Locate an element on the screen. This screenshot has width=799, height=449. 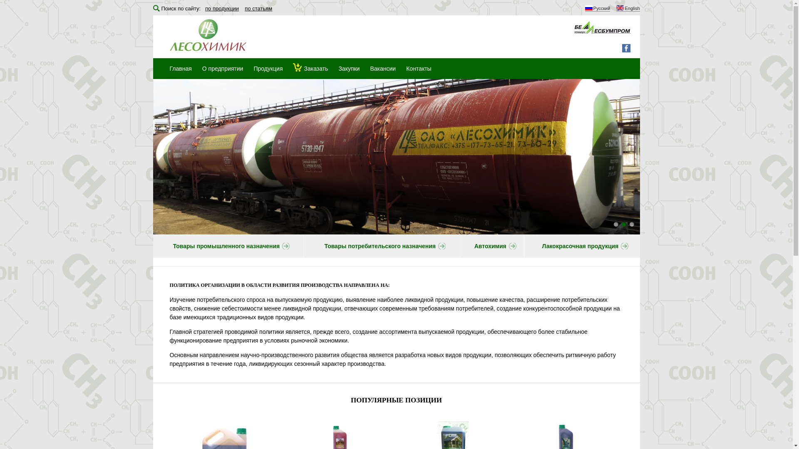
'1' is located at coordinates (615, 224).